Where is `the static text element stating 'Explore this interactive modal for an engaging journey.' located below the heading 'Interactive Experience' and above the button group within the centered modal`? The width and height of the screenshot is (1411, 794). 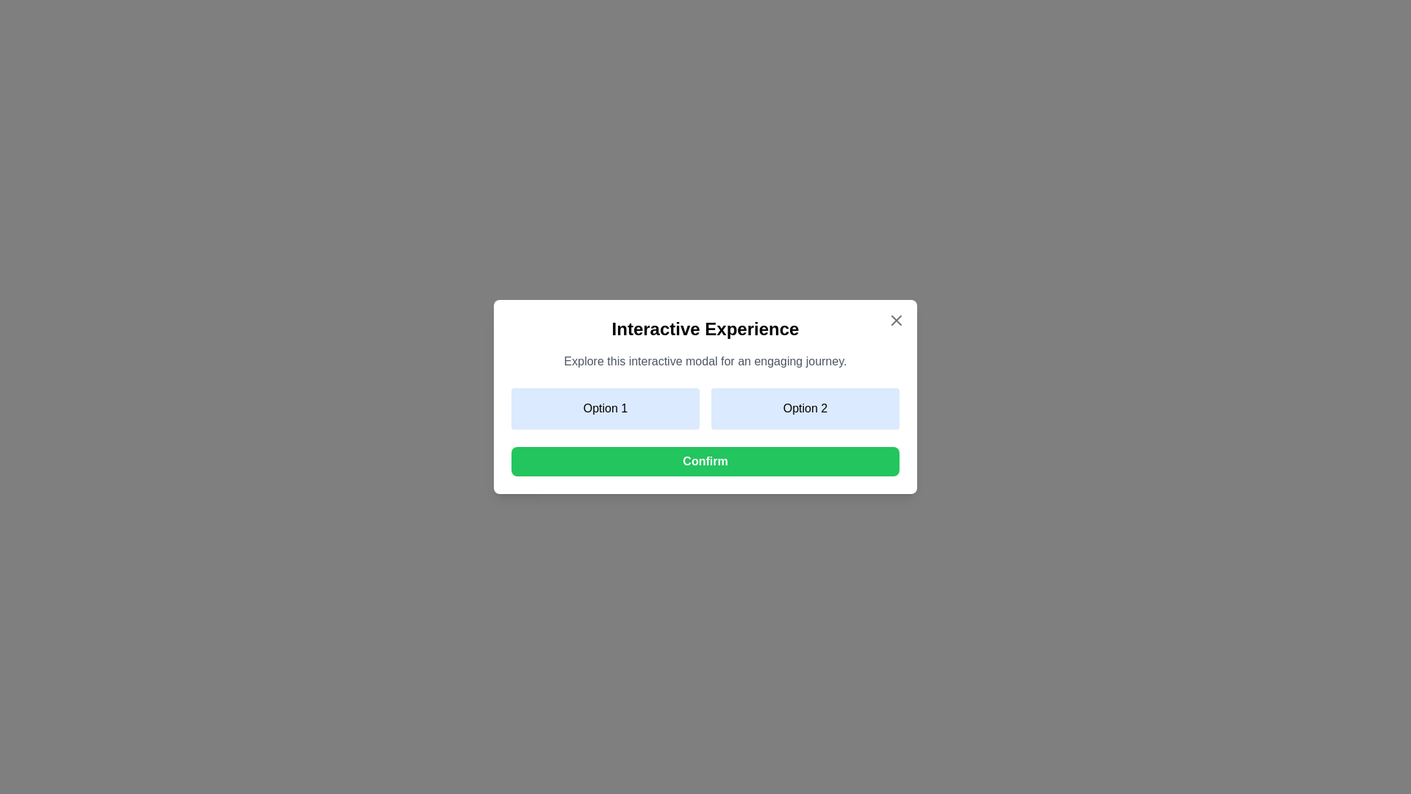
the static text element stating 'Explore this interactive modal for an engaging journey.' located below the heading 'Interactive Experience' and above the button group within the centered modal is located at coordinates (705, 362).